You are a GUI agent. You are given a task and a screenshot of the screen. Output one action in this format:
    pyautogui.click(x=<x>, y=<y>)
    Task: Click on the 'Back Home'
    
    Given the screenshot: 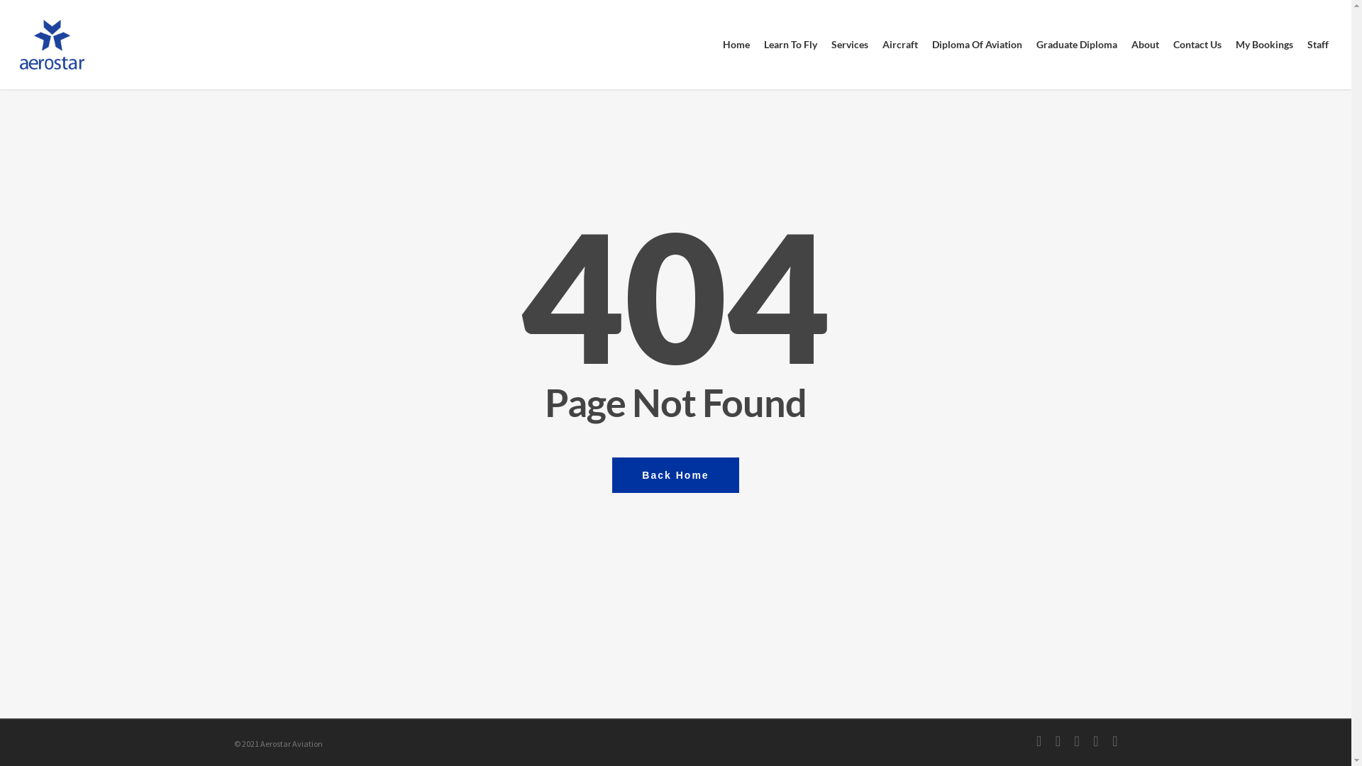 What is the action you would take?
    pyautogui.click(x=674, y=474)
    